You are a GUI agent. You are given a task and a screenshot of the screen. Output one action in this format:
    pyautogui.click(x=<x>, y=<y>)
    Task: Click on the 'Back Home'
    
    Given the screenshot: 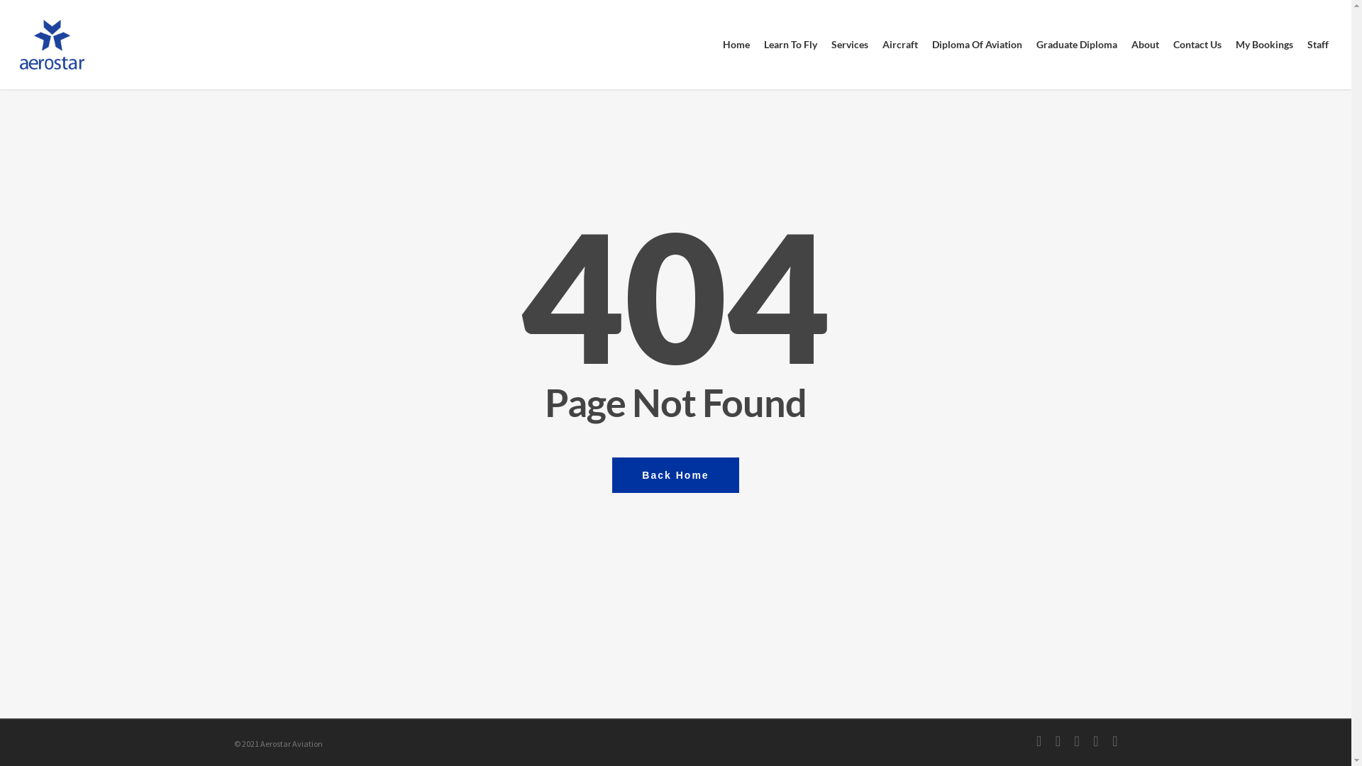 What is the action you would take?
    pyautogui.click(x=674, y=474)
    